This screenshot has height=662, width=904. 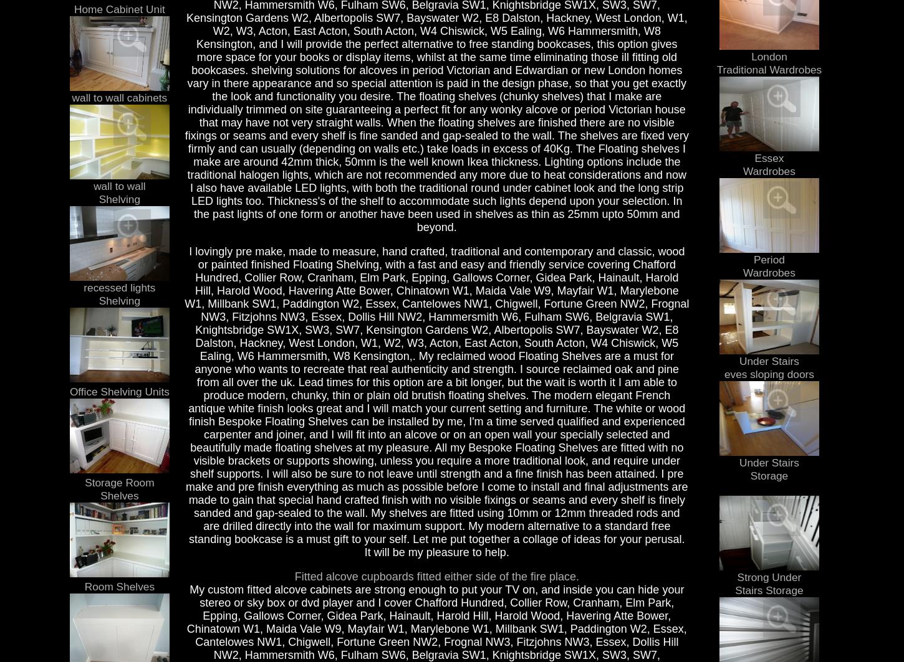 I want to click on 'wall to wall cabinets', so click(x=118, y=97).